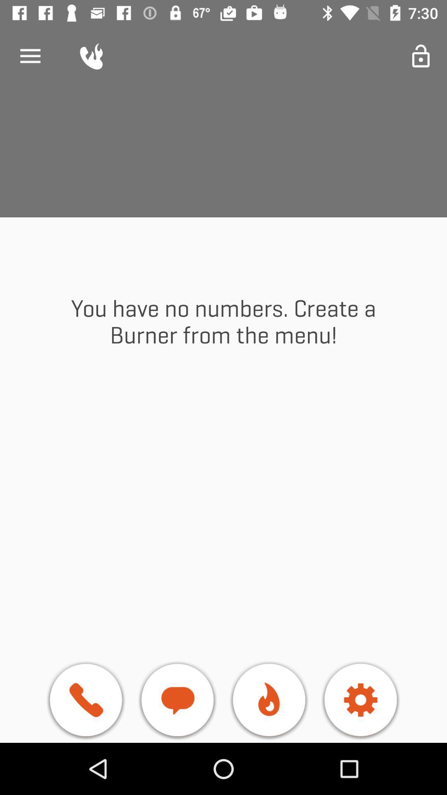 This screenshot has width=447, height=795. What do you see at coordinates (177, 701) in the screenshot?
I see `the chat icon` at bounding box center [177, 701].